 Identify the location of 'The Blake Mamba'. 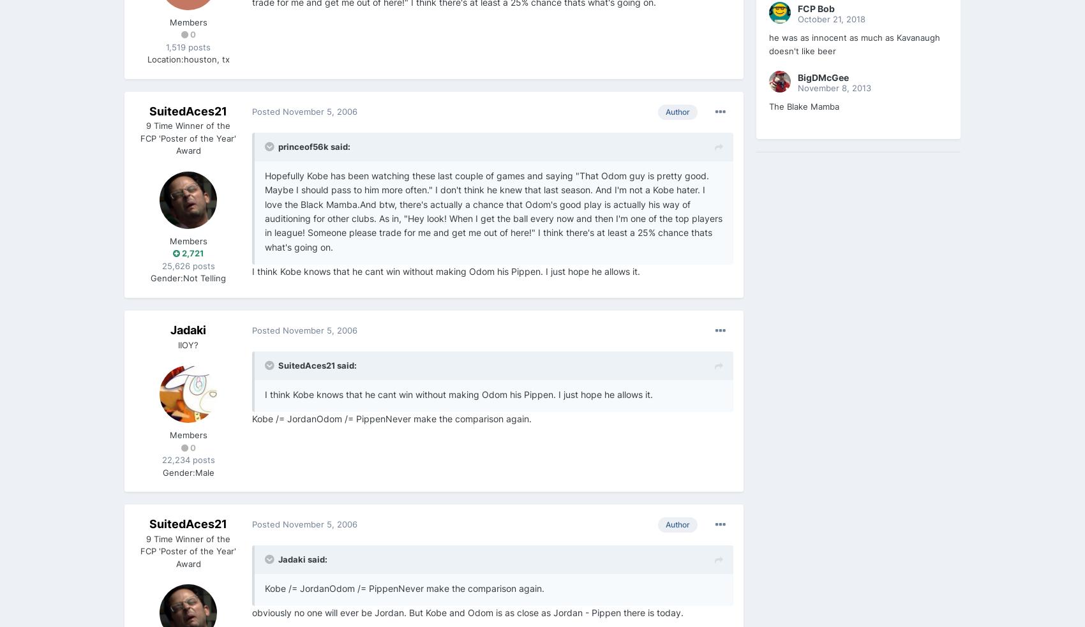
(804, 106).